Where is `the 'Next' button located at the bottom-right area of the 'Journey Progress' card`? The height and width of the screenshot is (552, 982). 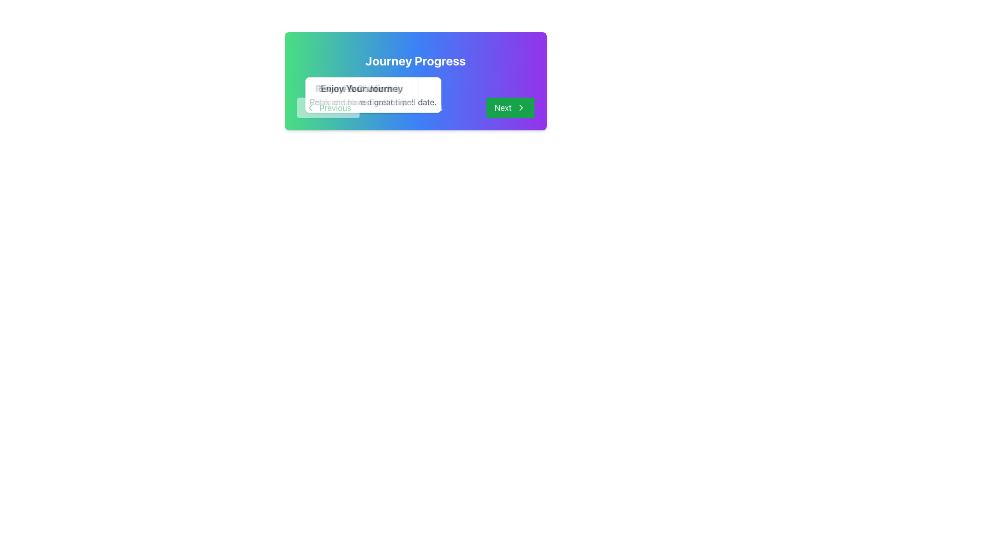
the 'Next' button located at the bottom-right area of the 'Journey Progress' card is located at coordinates (521, 108).